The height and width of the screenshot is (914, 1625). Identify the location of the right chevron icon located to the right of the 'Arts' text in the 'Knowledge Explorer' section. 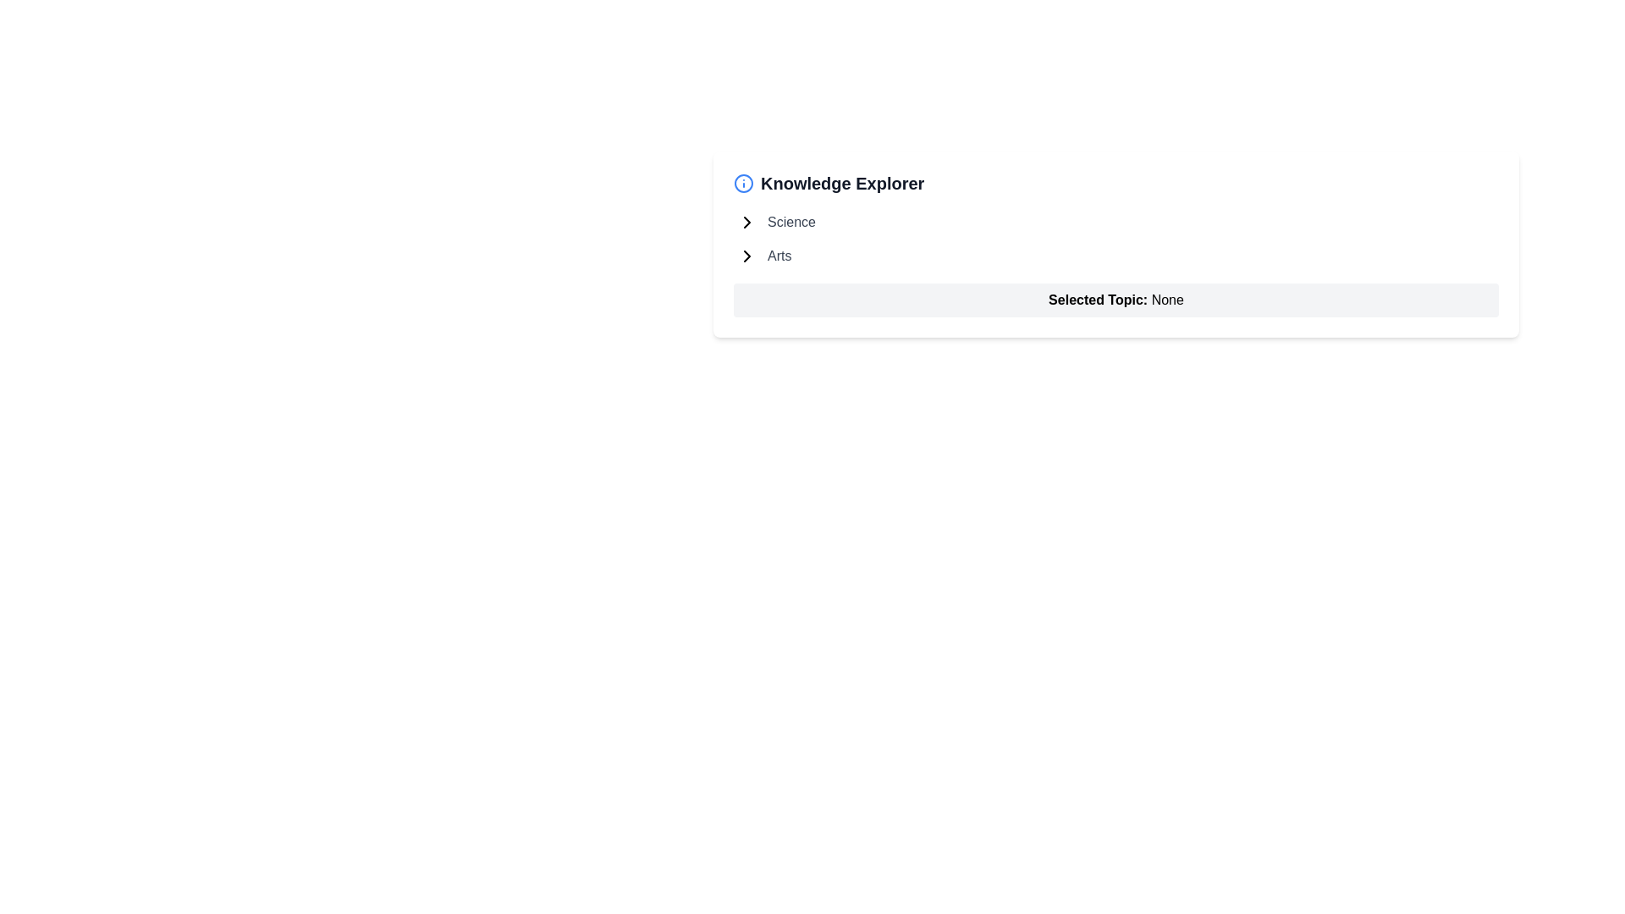
(746, 256).